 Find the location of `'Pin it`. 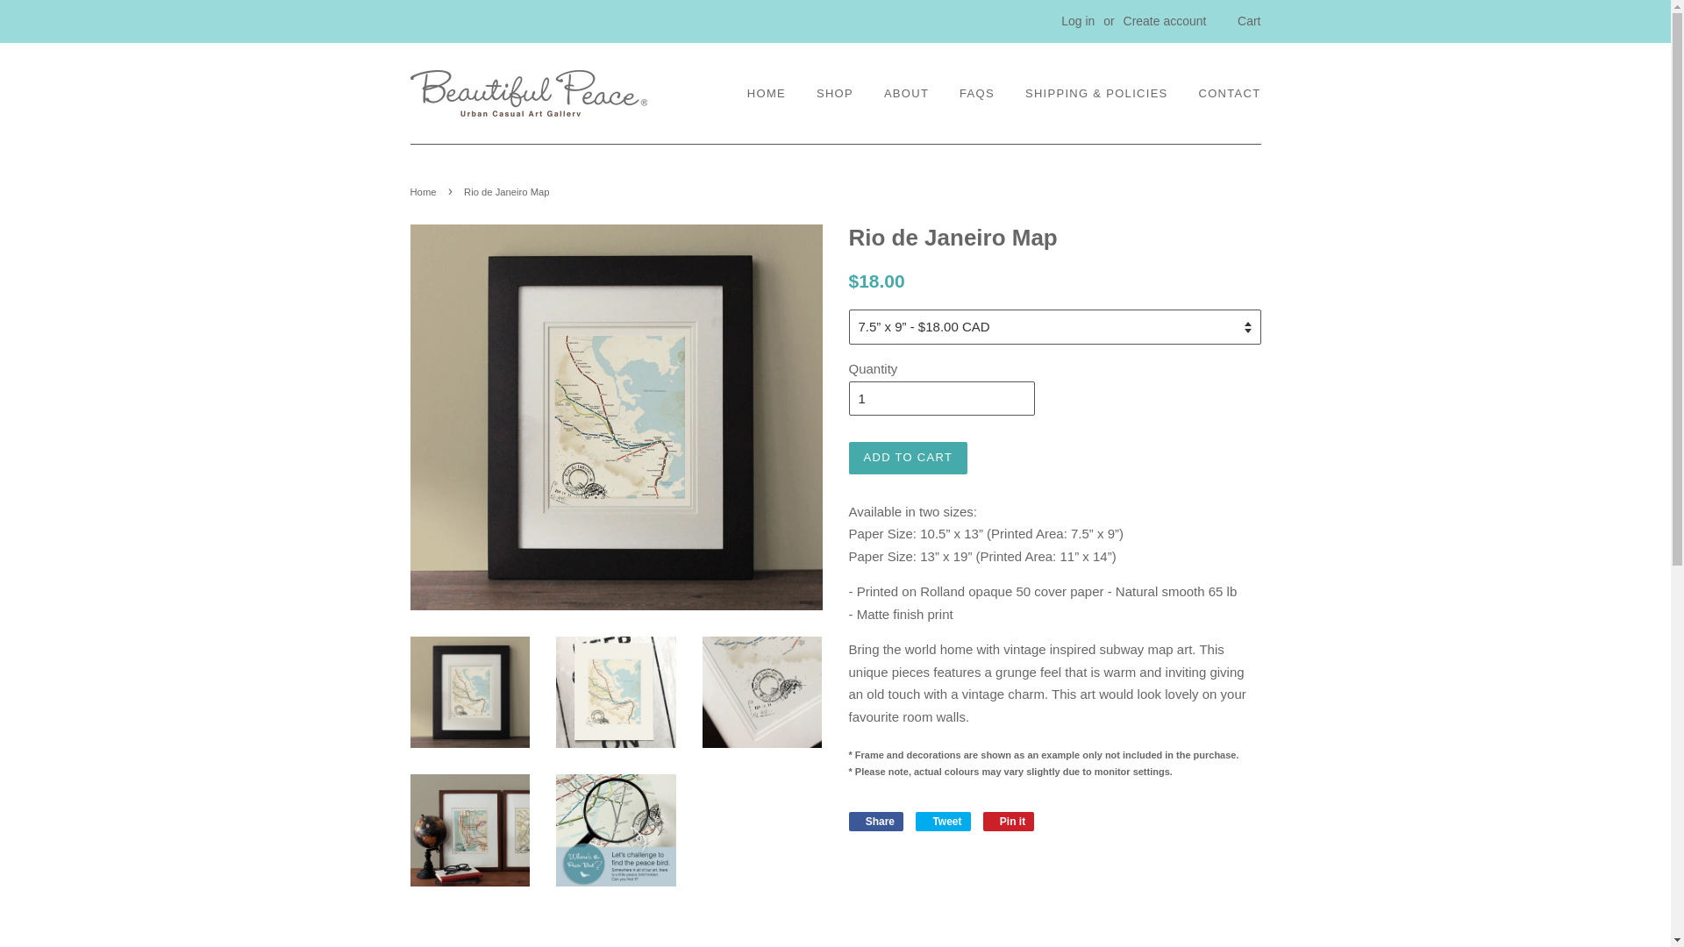

'Pin it is located at coordinates (983, 822).